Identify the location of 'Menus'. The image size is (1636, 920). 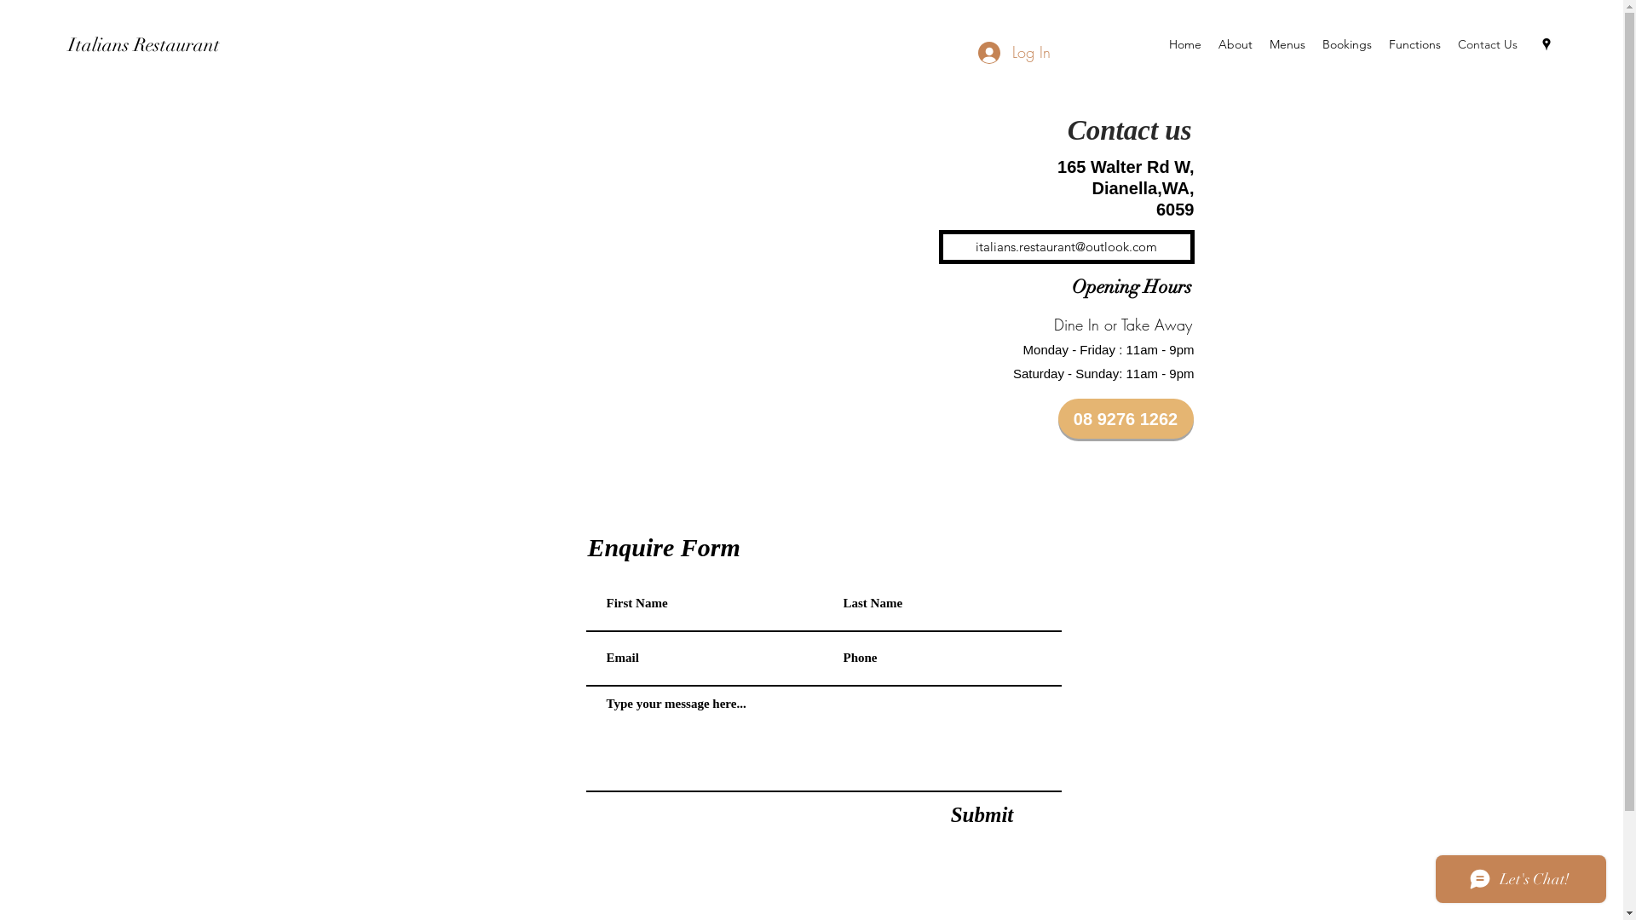
(1287, 43).